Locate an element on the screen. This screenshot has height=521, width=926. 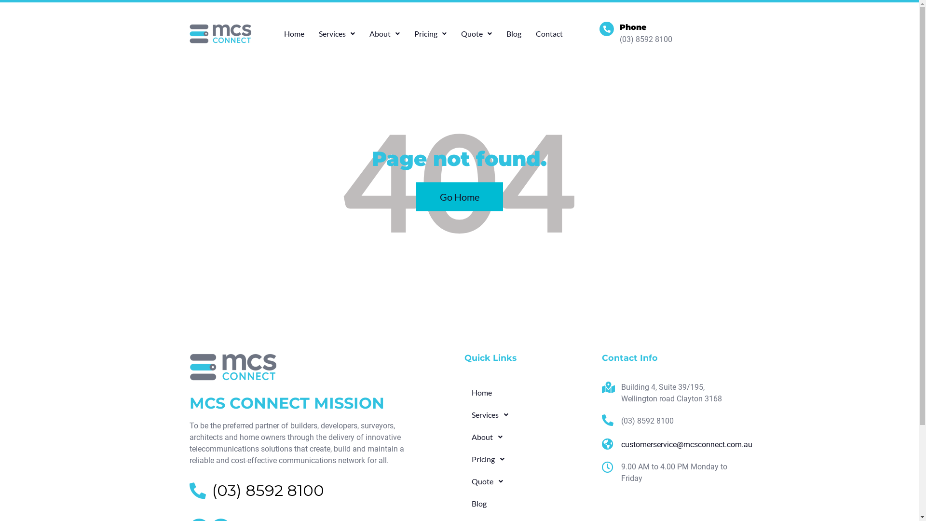
'customerservice@mcsconnect.com.au' is located at coordinates (665, 444).